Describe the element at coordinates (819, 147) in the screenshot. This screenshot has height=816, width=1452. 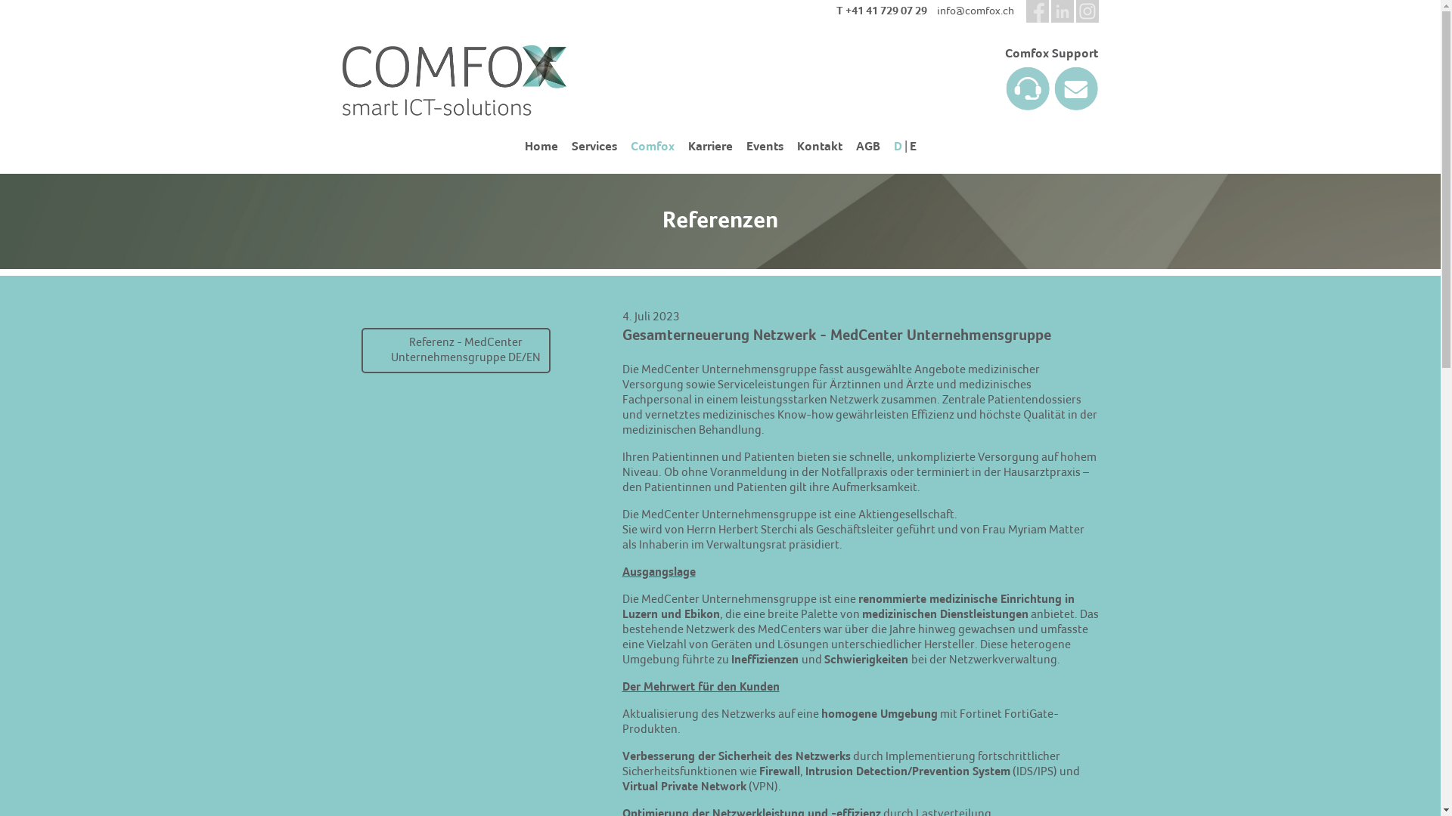
I see `'Kontakt'` at that location.